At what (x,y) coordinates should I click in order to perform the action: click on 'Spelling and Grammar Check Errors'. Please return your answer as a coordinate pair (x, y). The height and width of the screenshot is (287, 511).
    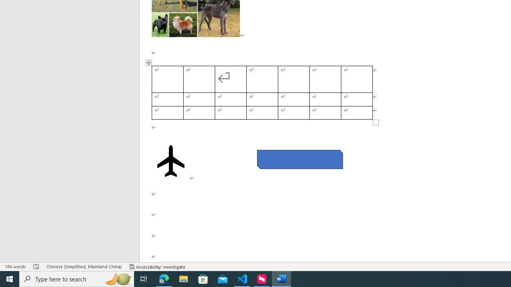
    Looking at the image, I should click on (36, 267).